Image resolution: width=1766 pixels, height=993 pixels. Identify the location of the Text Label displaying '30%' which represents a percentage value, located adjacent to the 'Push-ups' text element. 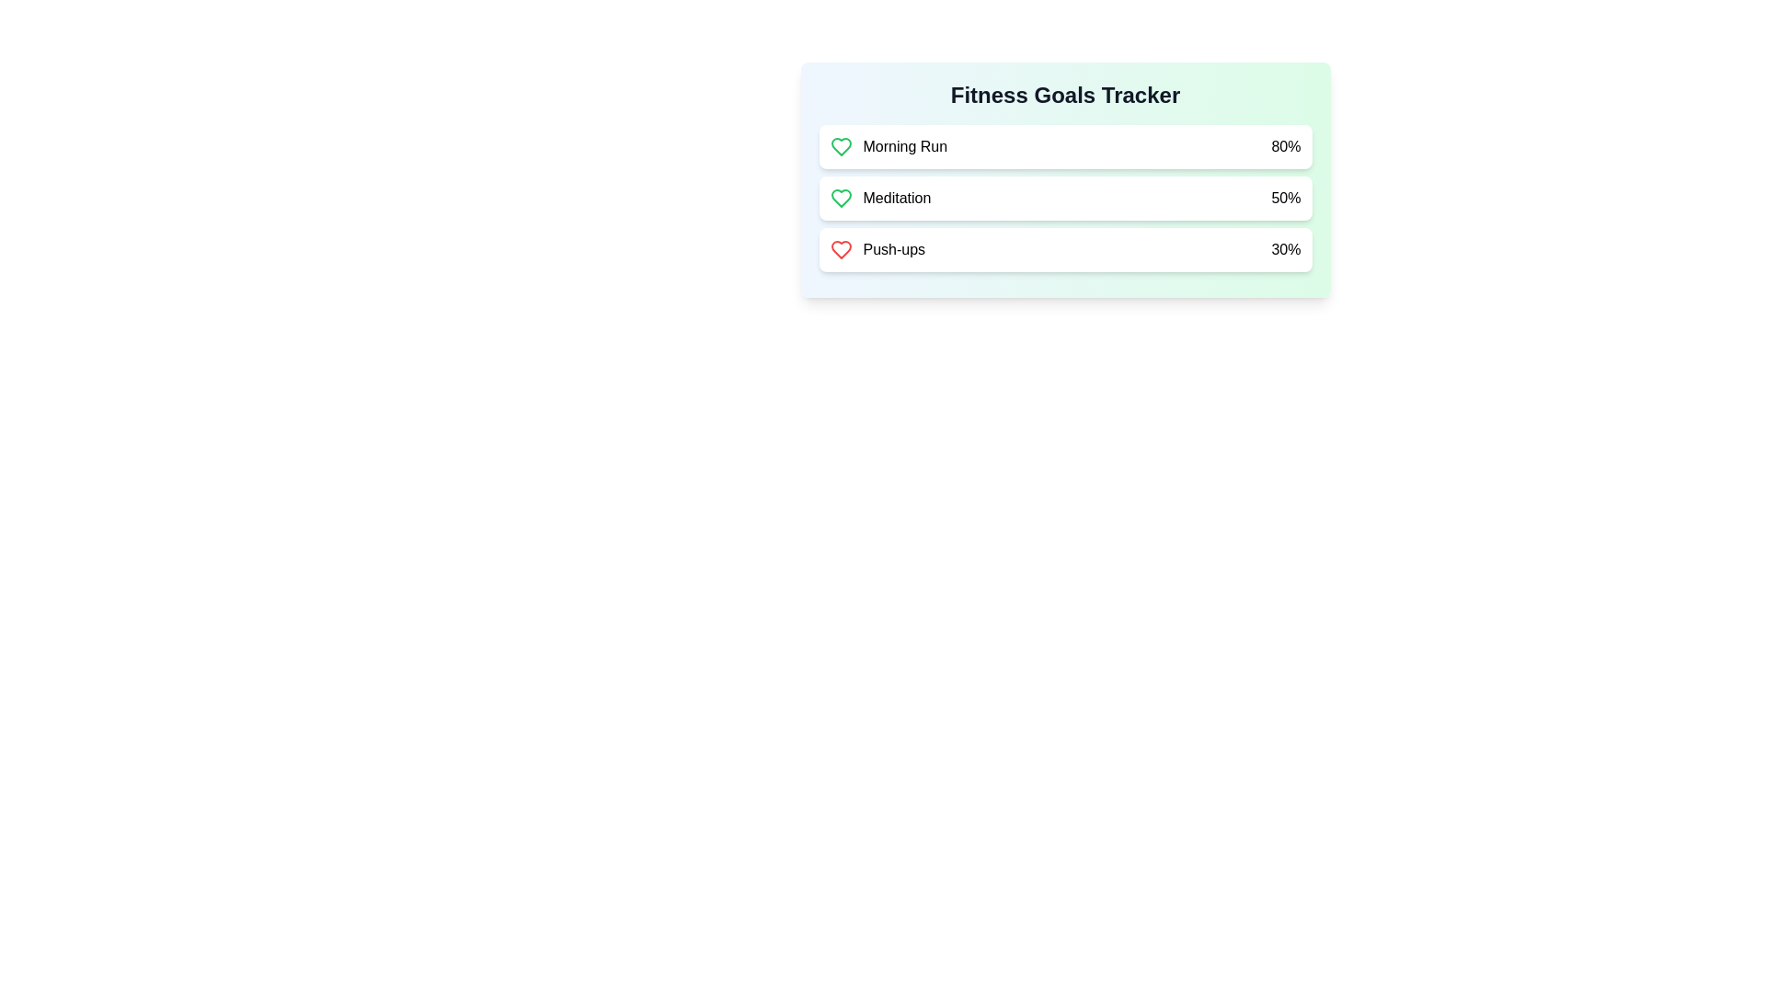
(1285, 250).